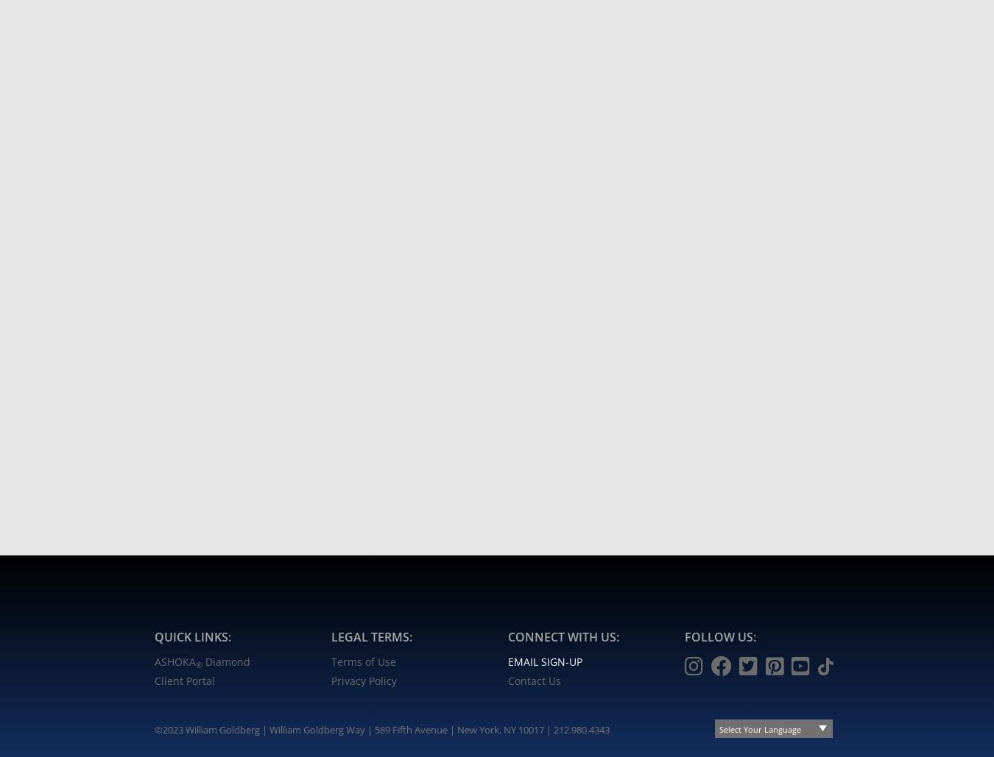 The image size is (994, 757). What do you see at coordinates (534, 680) in the screenshot?
I see `'Contact Us'` at bounding box center [534, 680].